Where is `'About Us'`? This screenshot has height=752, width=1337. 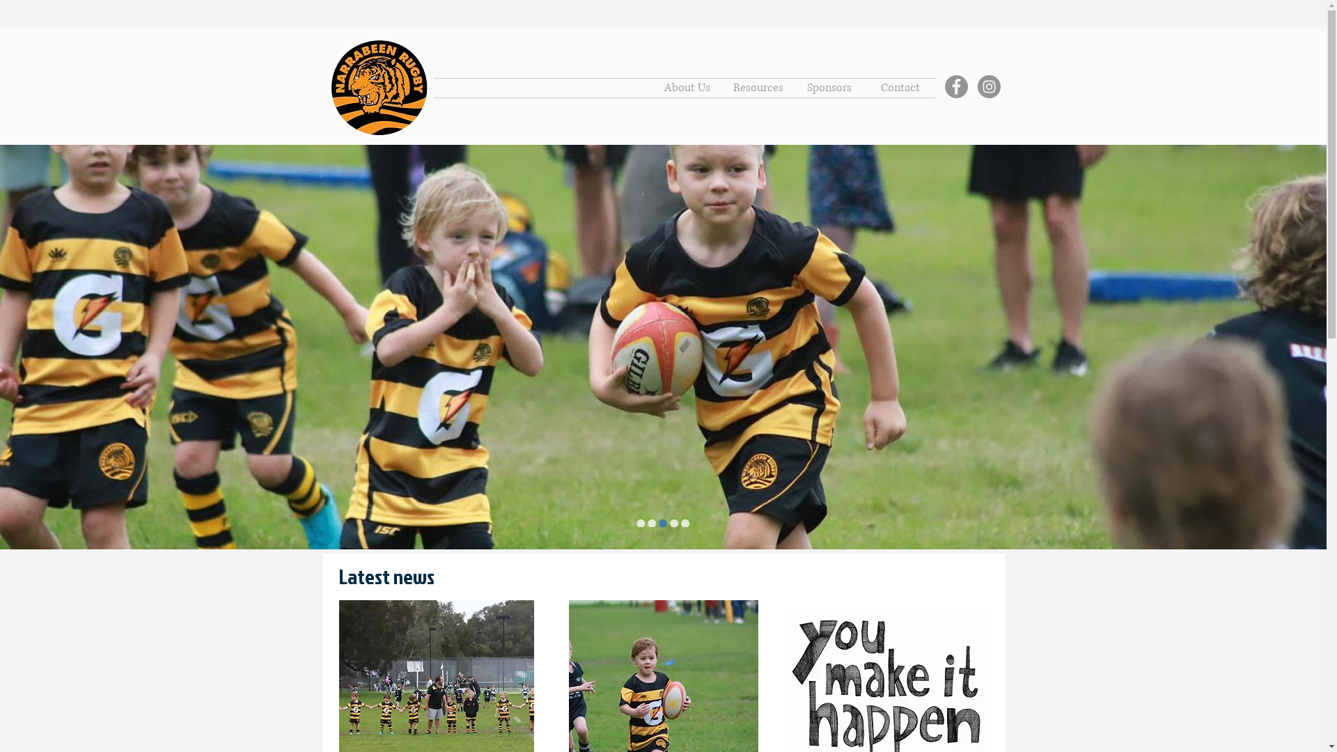 'About Us' is located at coordinates (687, 88).